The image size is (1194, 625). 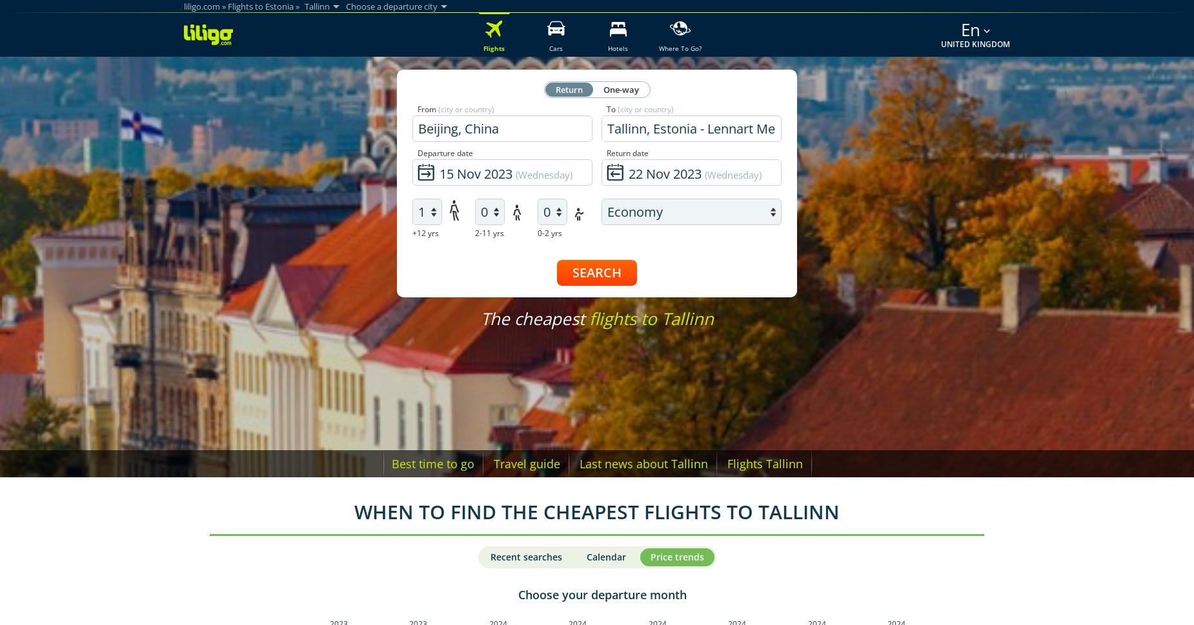 I want to click on 'where to go?', so click(x=679, y=48).